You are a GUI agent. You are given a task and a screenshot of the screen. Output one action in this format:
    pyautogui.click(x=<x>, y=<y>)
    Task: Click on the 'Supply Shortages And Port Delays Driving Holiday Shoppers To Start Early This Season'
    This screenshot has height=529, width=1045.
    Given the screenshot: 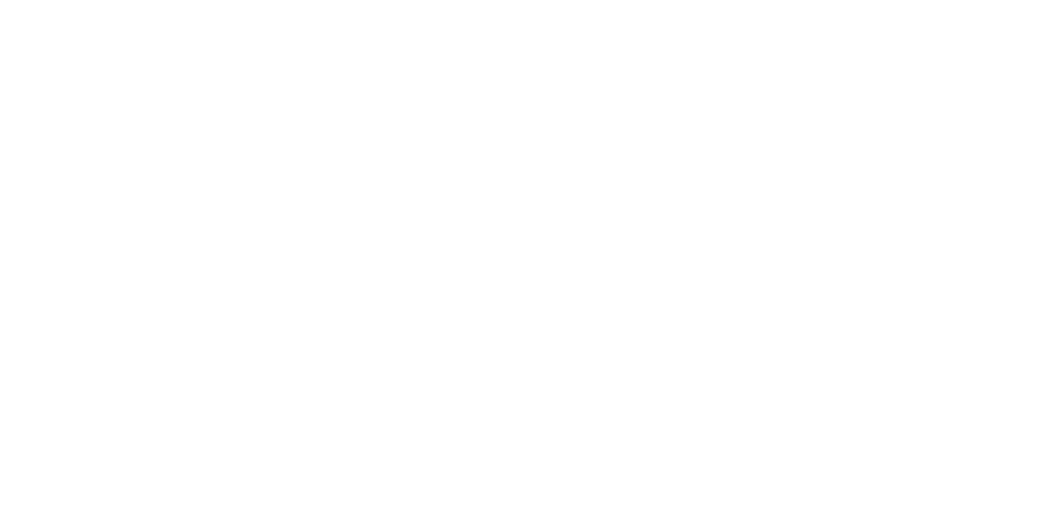 What is the action you would take?
    pyautogui.click(x=437, y=348)
    